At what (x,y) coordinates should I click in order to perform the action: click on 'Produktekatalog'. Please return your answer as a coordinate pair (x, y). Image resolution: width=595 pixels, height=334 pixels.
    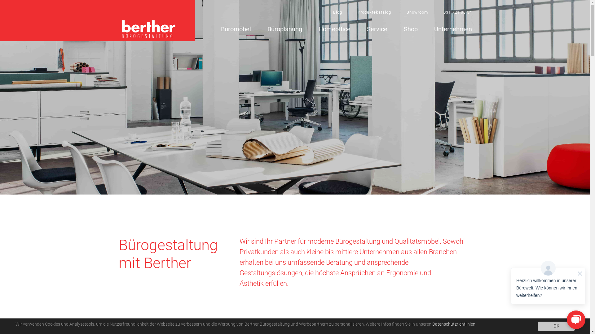
    Looking at the image, I should click on (374, 12).